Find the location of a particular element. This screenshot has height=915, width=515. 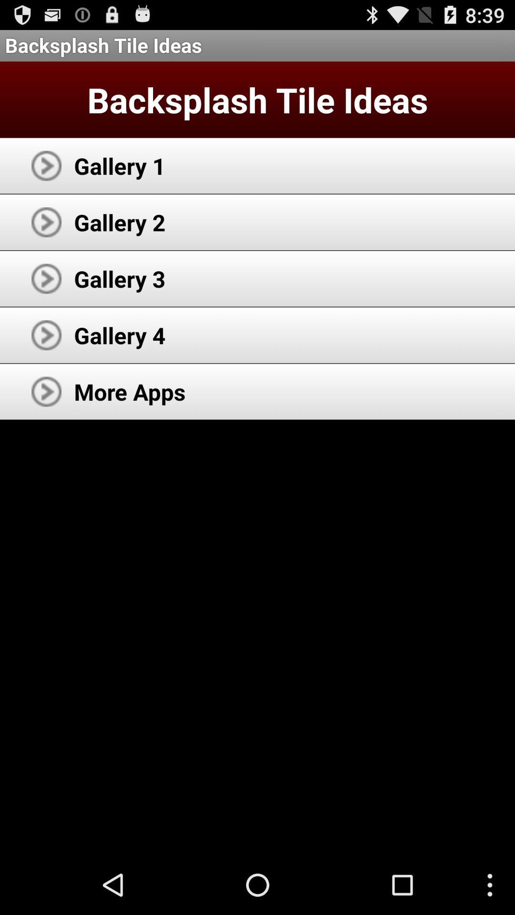

icon below the gallery 1 is located at coordinates (119, 222).